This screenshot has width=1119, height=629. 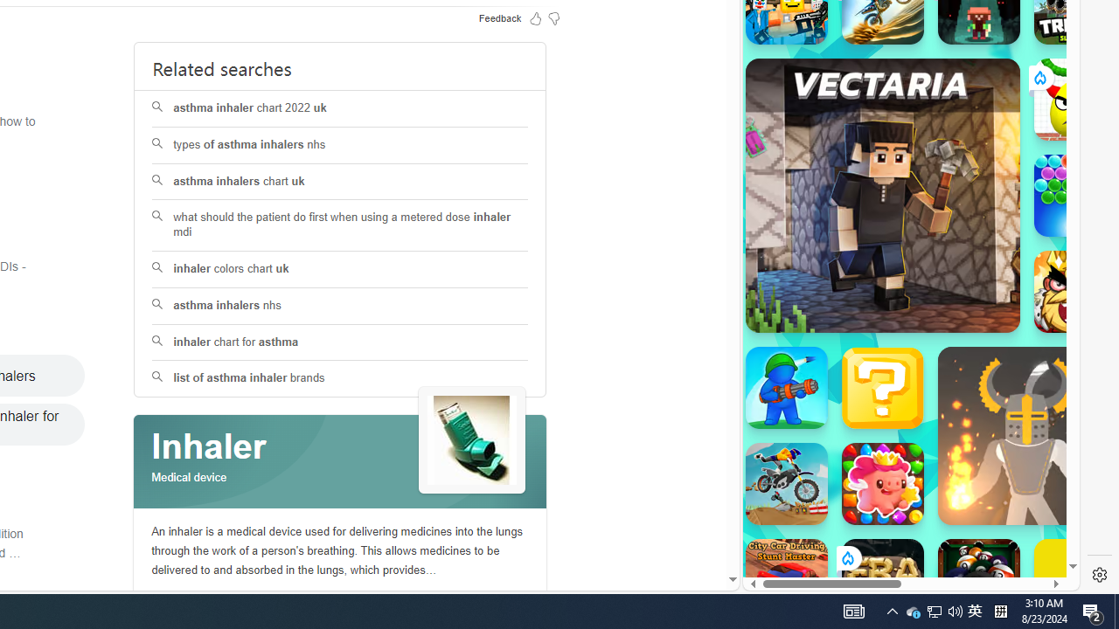 What do you see at coordinates (553, 17) in the screenshot?
I see `'Feedback Dislike'` at bounding box center [553, 17].